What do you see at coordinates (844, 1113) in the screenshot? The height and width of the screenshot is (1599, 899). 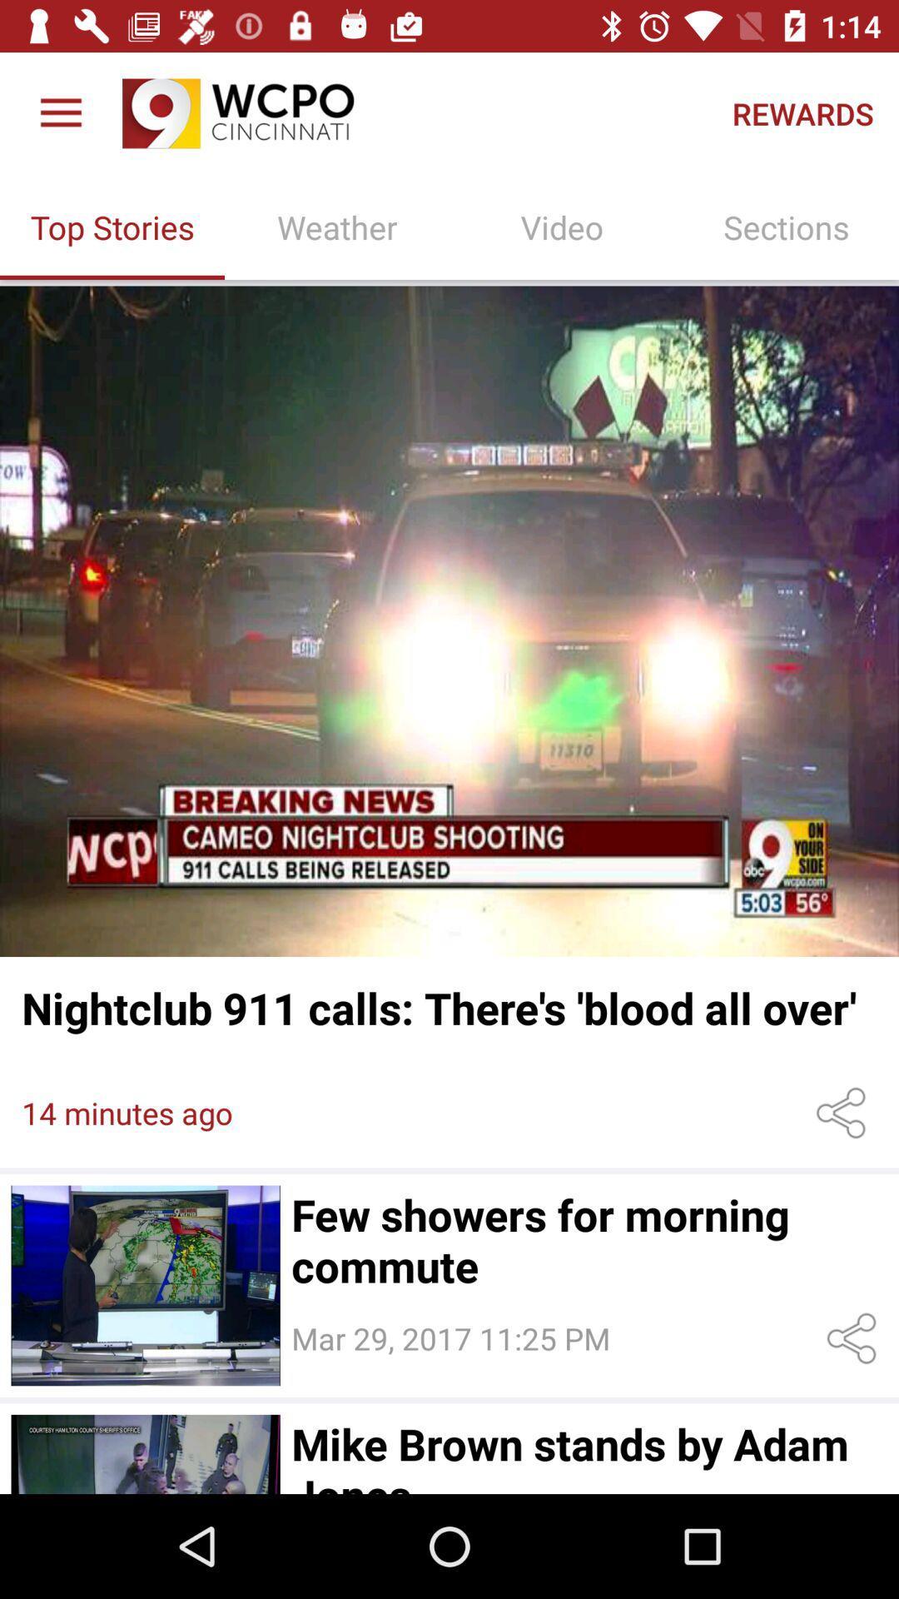 I see `share` at bounding box center [844, 1113].